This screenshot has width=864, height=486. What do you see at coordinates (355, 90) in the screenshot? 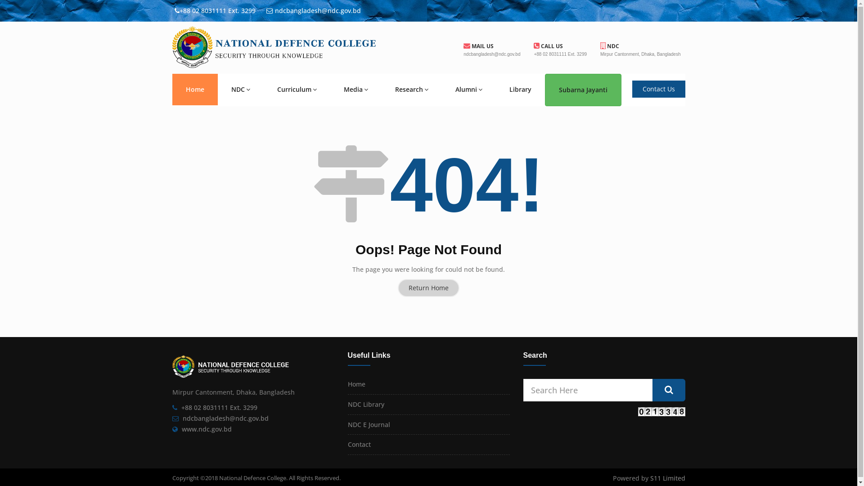
I see `'Media'` at bounding box center [355, 90].